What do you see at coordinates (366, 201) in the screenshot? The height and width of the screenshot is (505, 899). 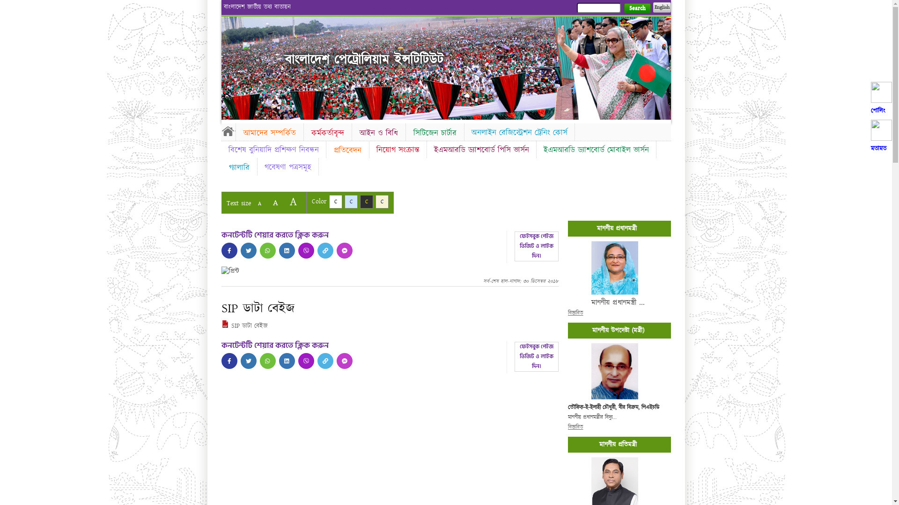 I see `'C'` at bounding box center [366, 201].